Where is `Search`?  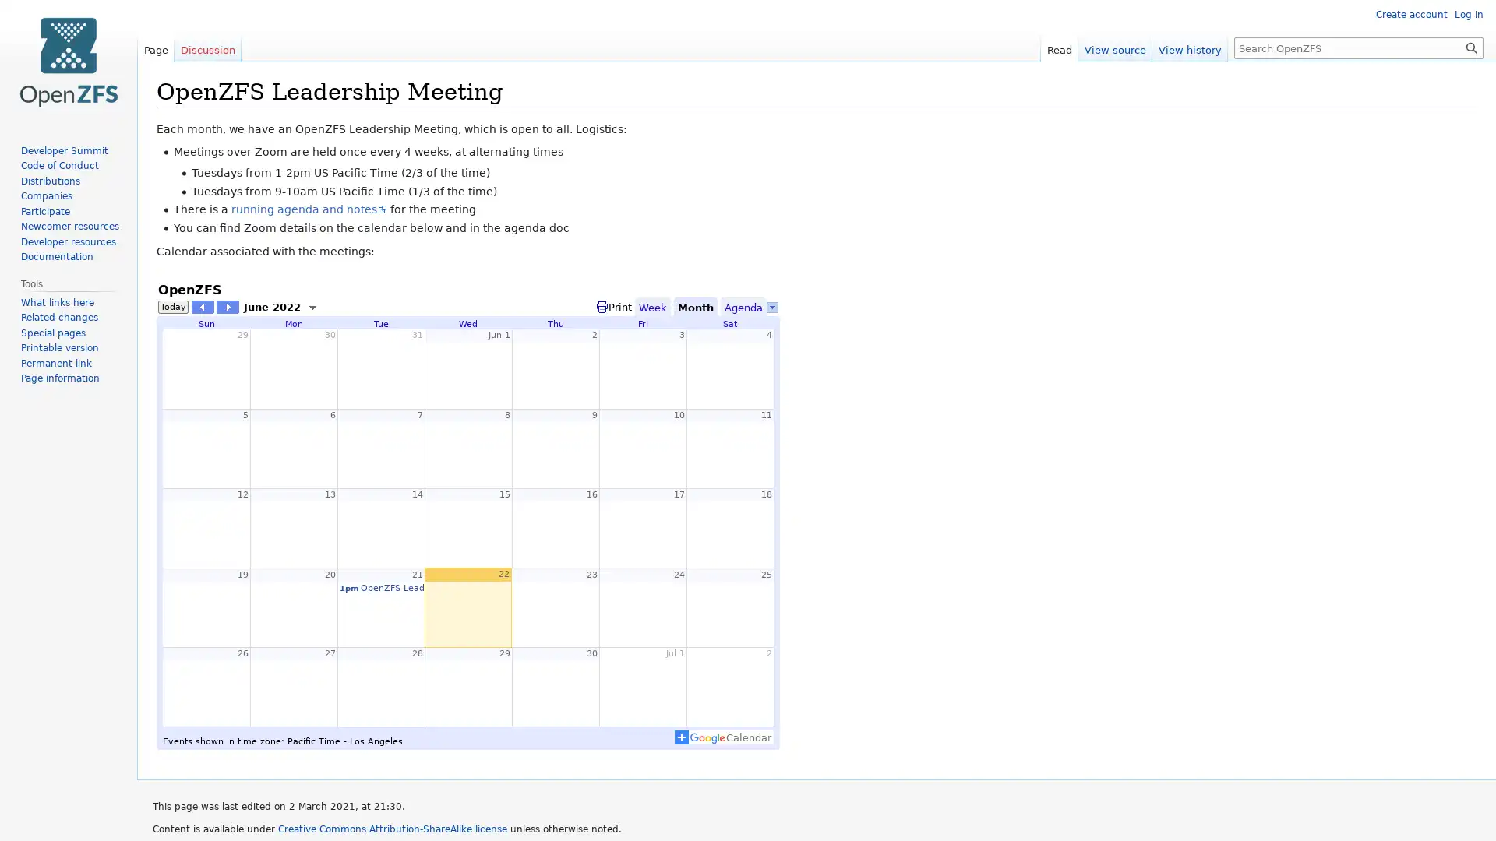 Search is located at coordinates (1471, 47).